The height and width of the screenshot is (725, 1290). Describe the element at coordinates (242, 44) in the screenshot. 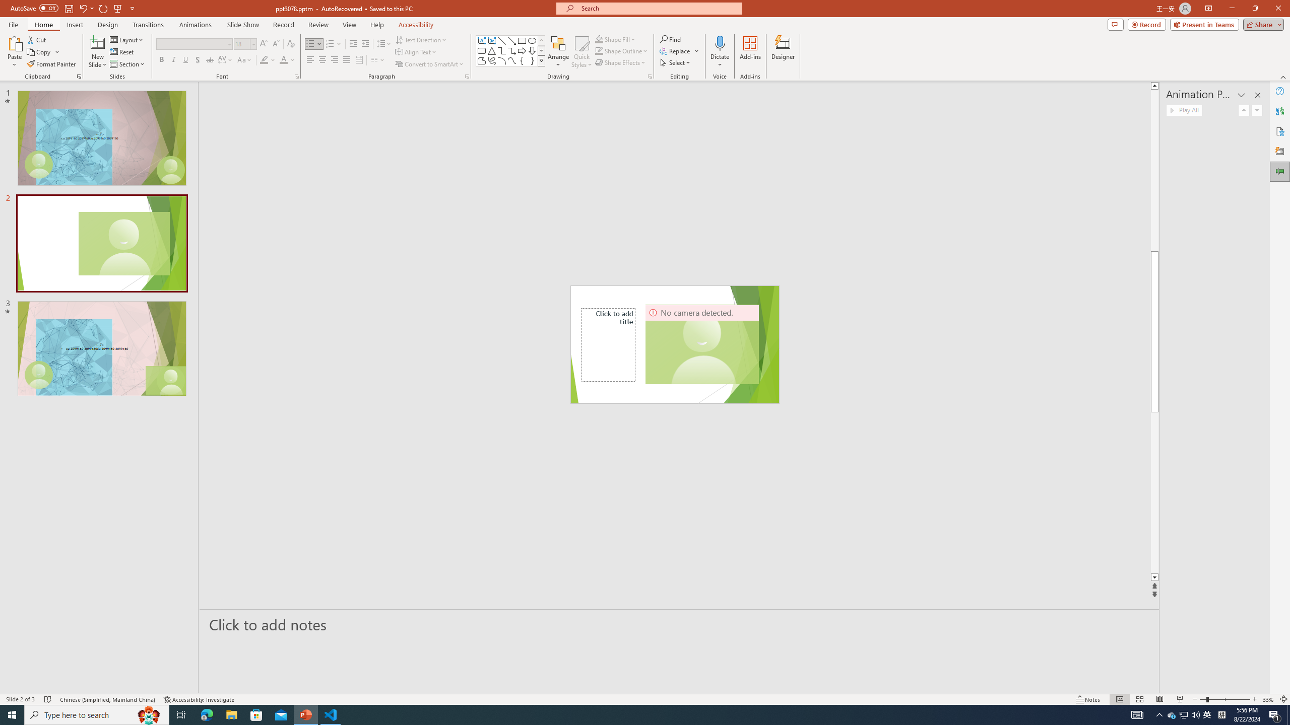

I see `'Font Size'` at that location.